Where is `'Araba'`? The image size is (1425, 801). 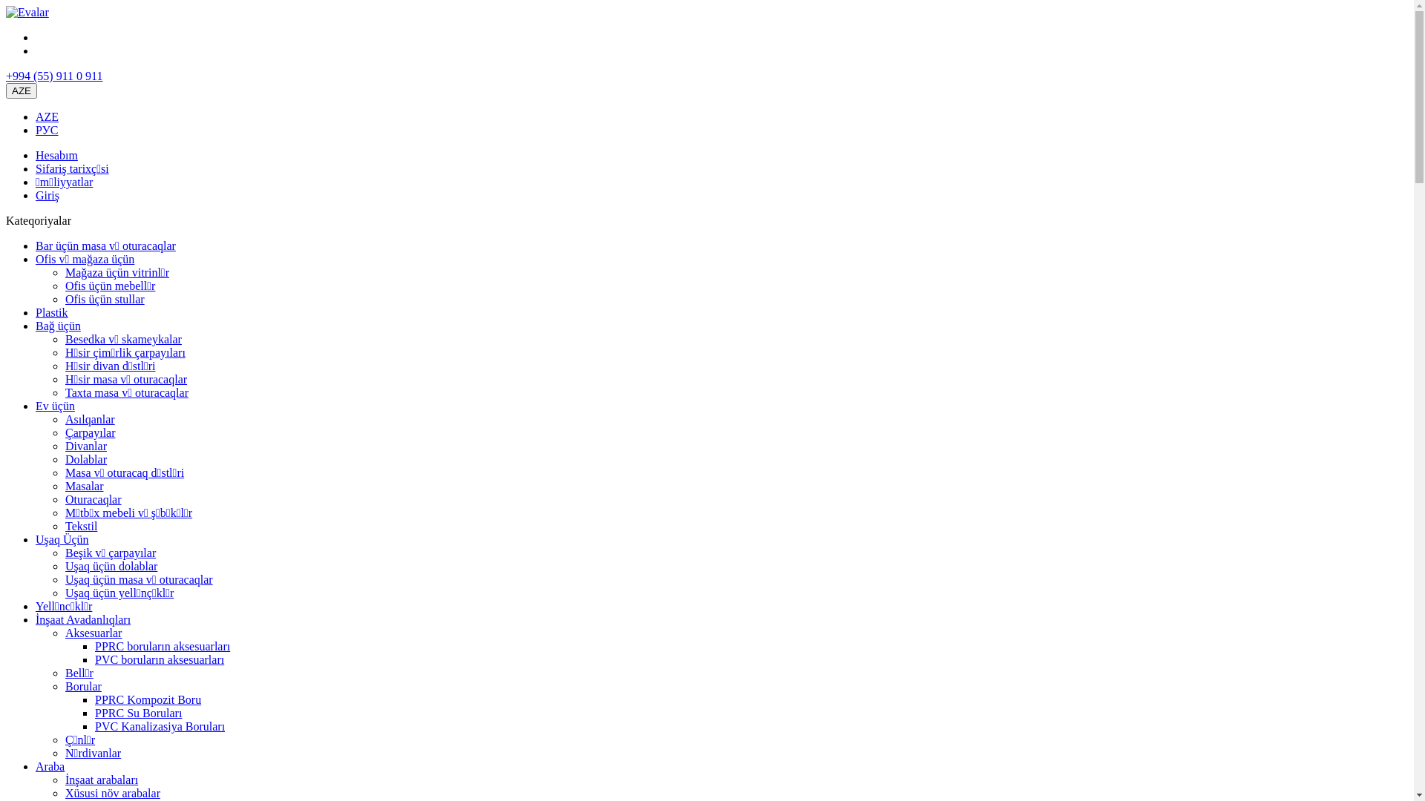
'Araba' is located at coordinates (50, 766).